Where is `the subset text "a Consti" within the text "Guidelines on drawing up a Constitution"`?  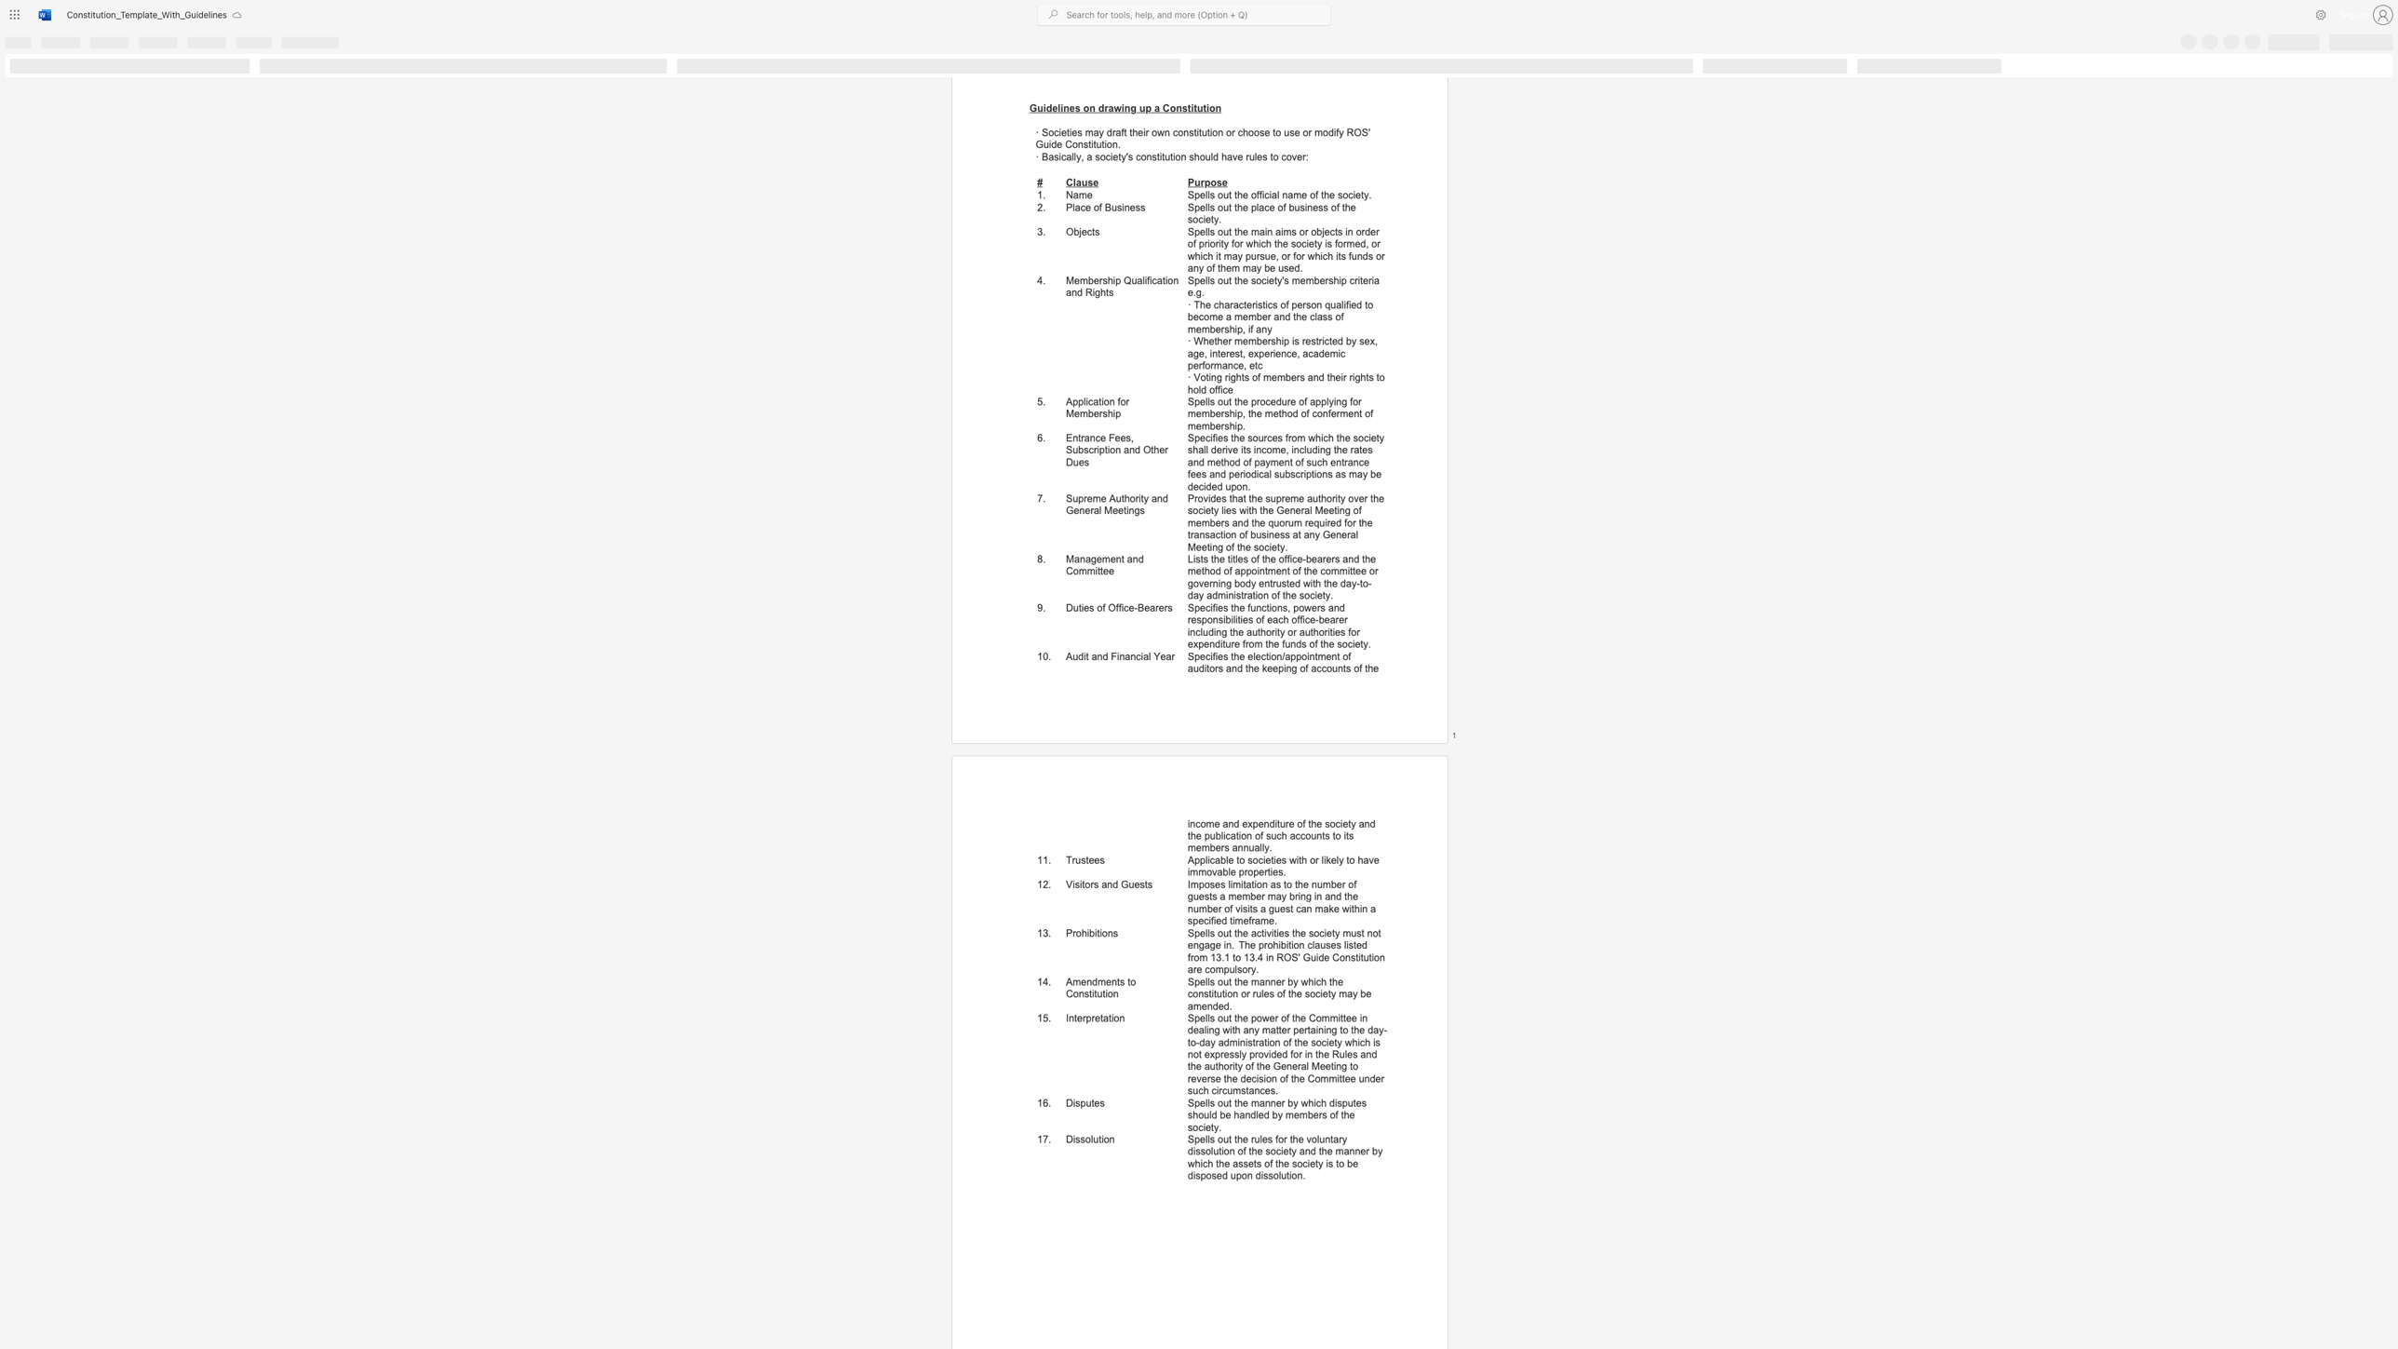
the subset text "a Consti" within the text "Guidelines on drawing up a Constitution" is located at coordinates (1152, 108).